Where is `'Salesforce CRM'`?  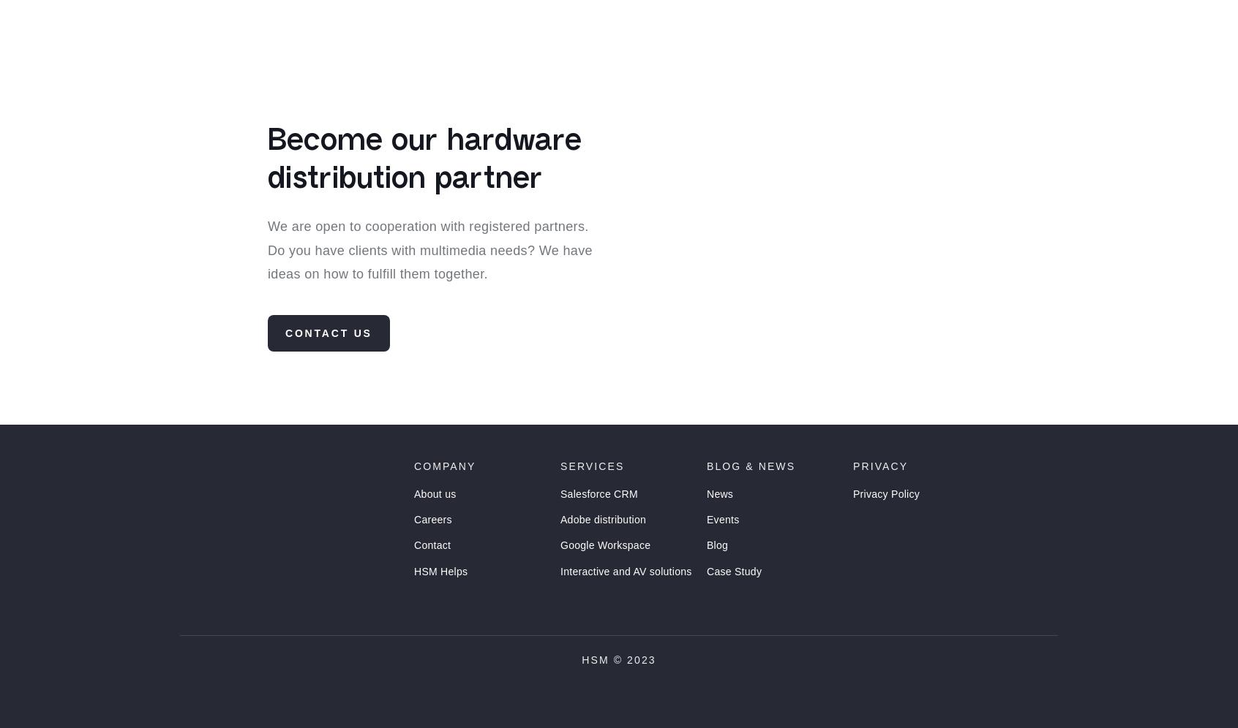 'Salesforce CRM' is located at coordinates (559, 520).